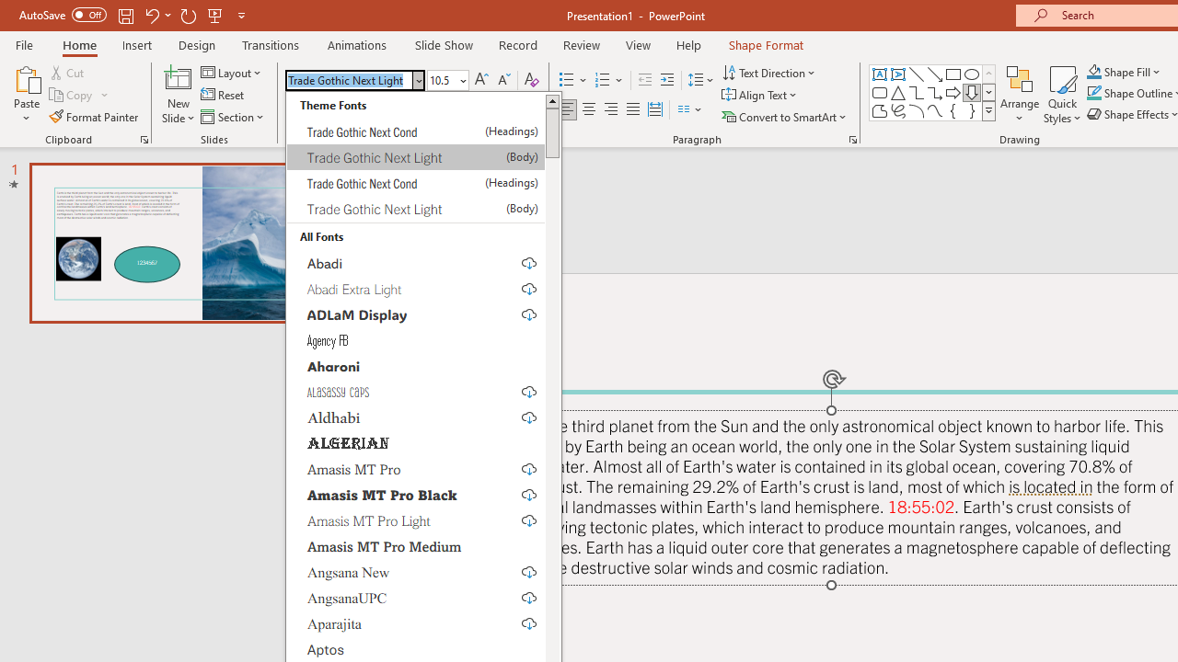 The width and height of the screenshot is (1178, 662). What do you see at coordinates (785, 117) in the screenshot?
I see `'Convert to SmartArt'` at bounding box center [785, 117].